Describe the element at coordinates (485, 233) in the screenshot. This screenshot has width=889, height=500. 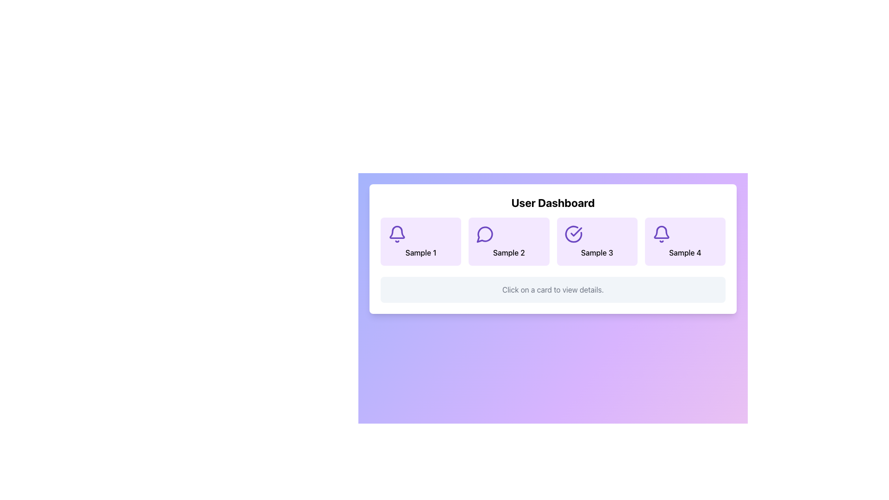
I see `the speech bubble icon with purple strokes located at the top of the 'Sample 2' card` at that location.